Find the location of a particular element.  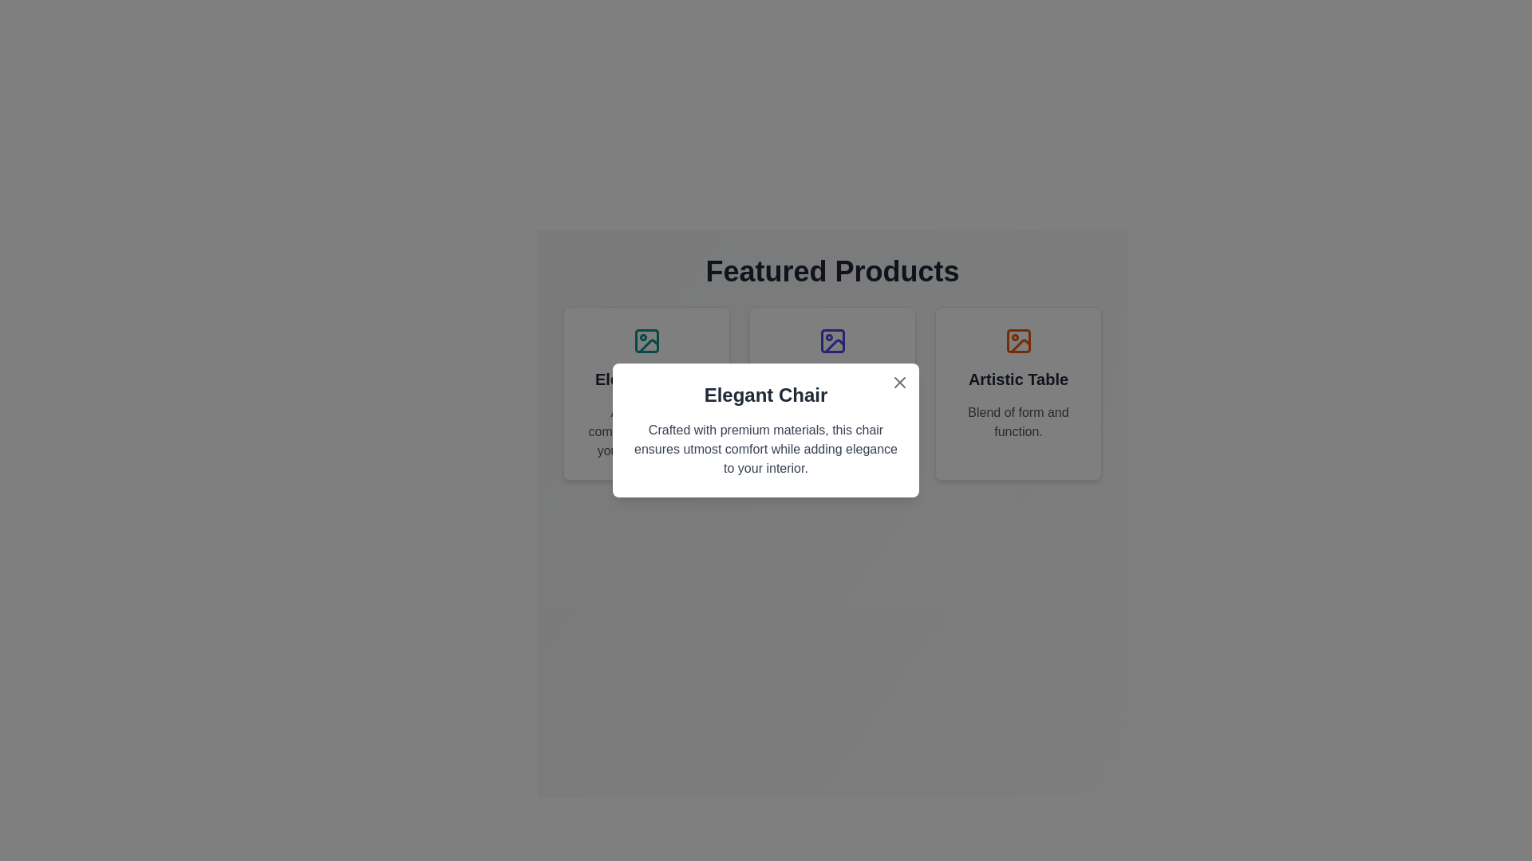

title text label located at the top of the rightmost card in the 'Featured Products' section to identify the product title is located at coordinates (1017, 379).